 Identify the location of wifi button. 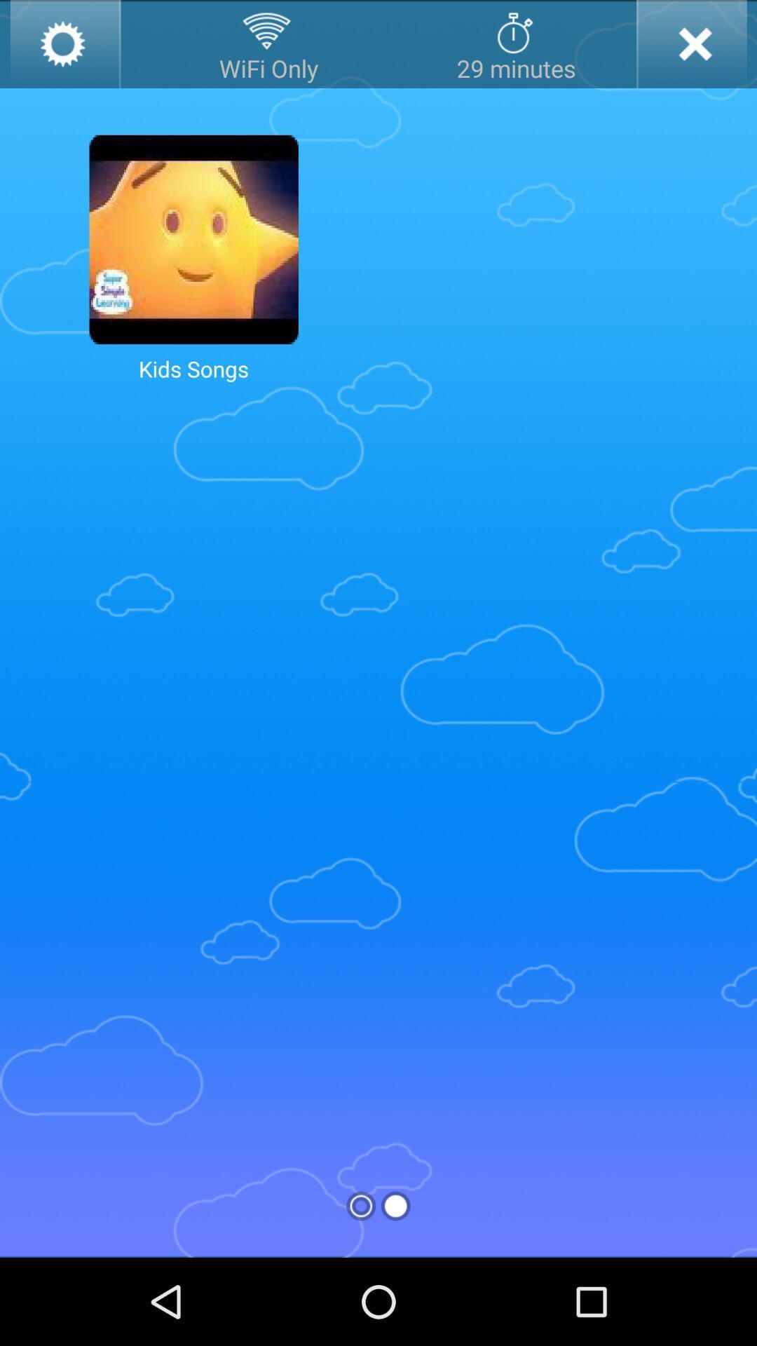
(268, 43).